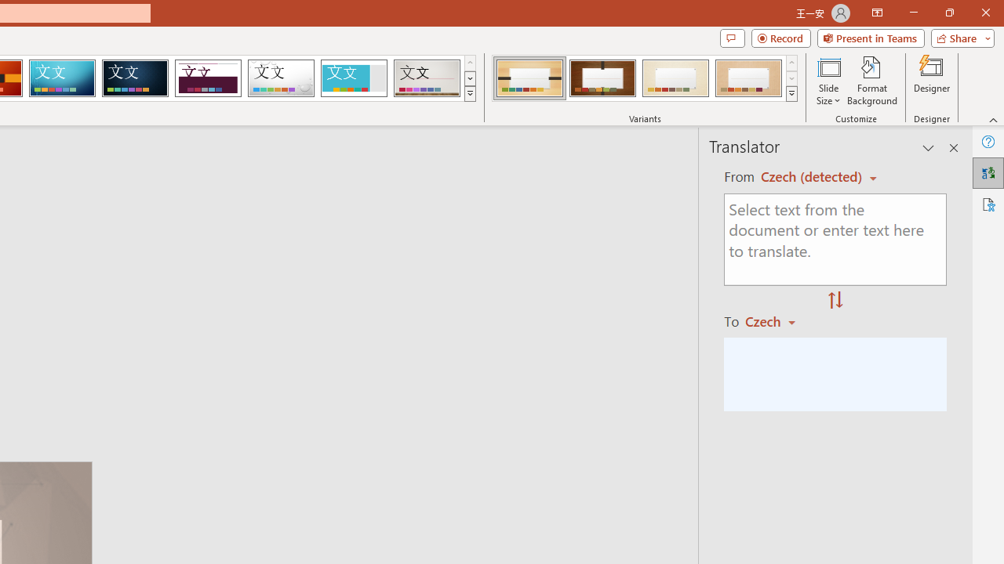 This screenshot has width=1004, height=564. I want to click on 'Droplet', so click(281, 78).